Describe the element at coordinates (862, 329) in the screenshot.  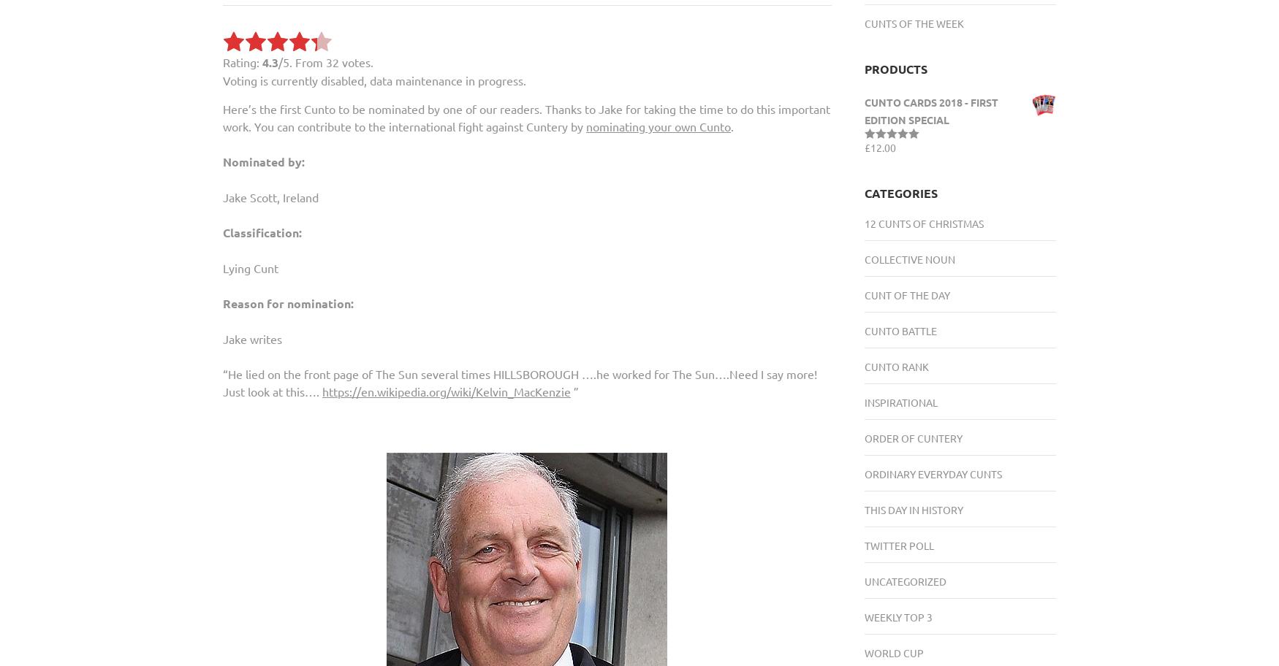
I see `'Cunto Battle'` at that location.